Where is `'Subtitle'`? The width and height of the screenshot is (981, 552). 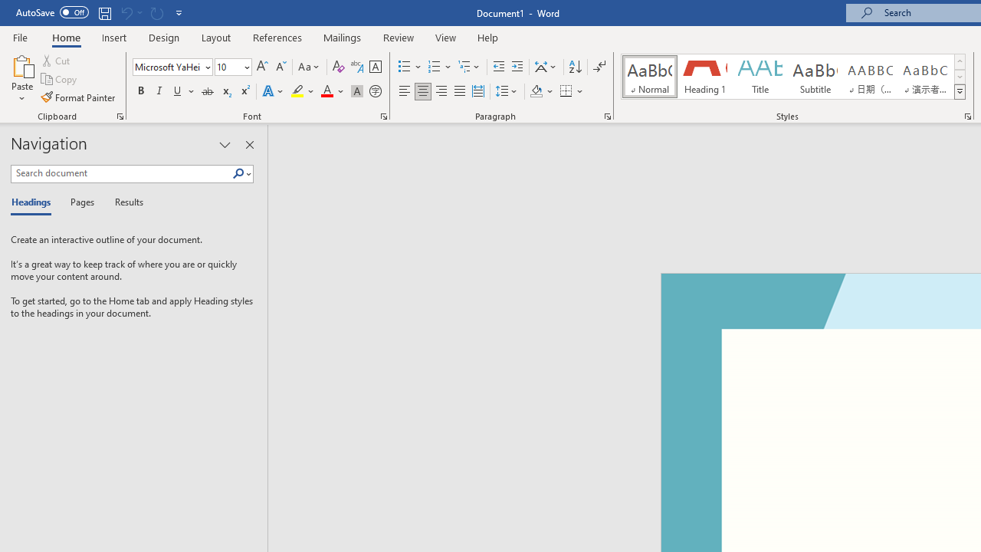 'Subtitle' is located at coordinates (814, 77).